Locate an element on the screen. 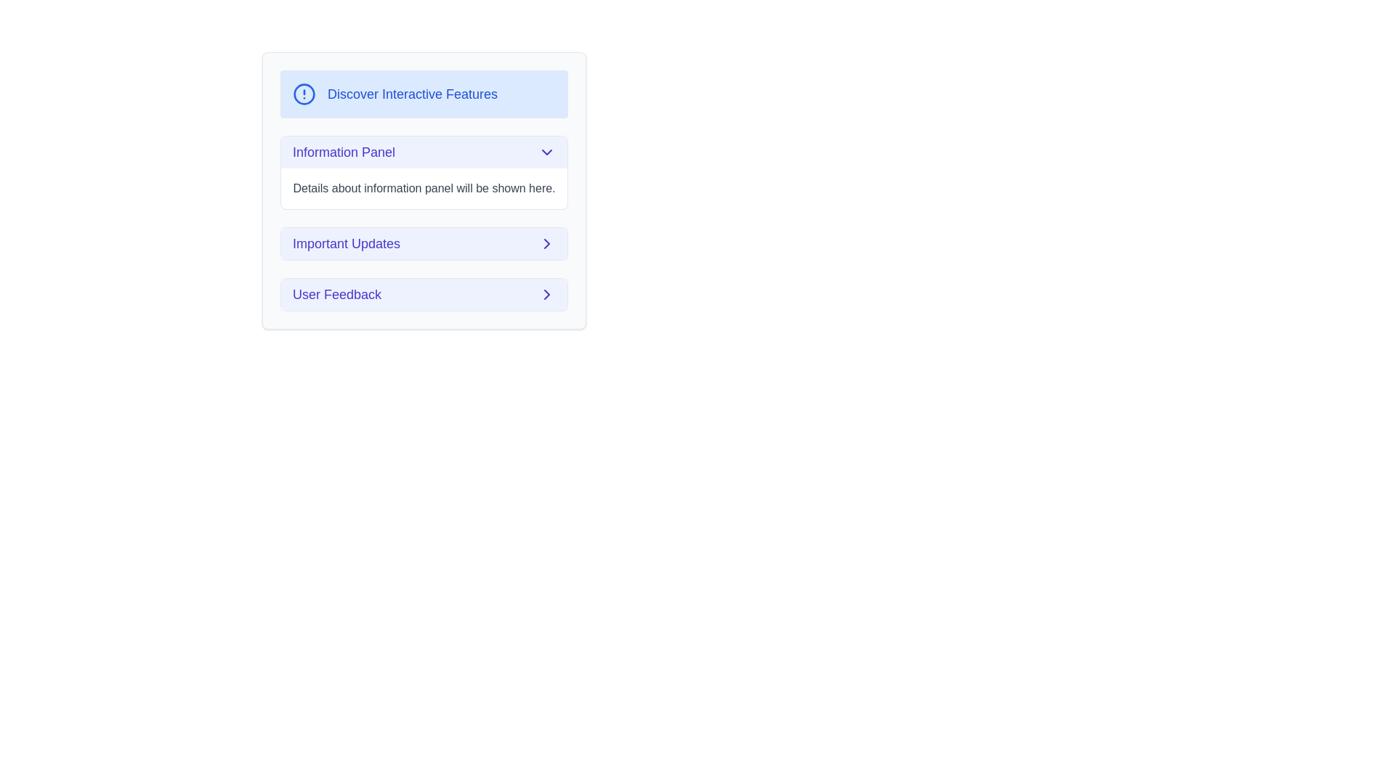 The image size is (1395, 784). the Text Label that serves as a heading for the bar, which is positioned inside a wider horizontal bar element on the left part of the bar is located at coordinates (343, 152).